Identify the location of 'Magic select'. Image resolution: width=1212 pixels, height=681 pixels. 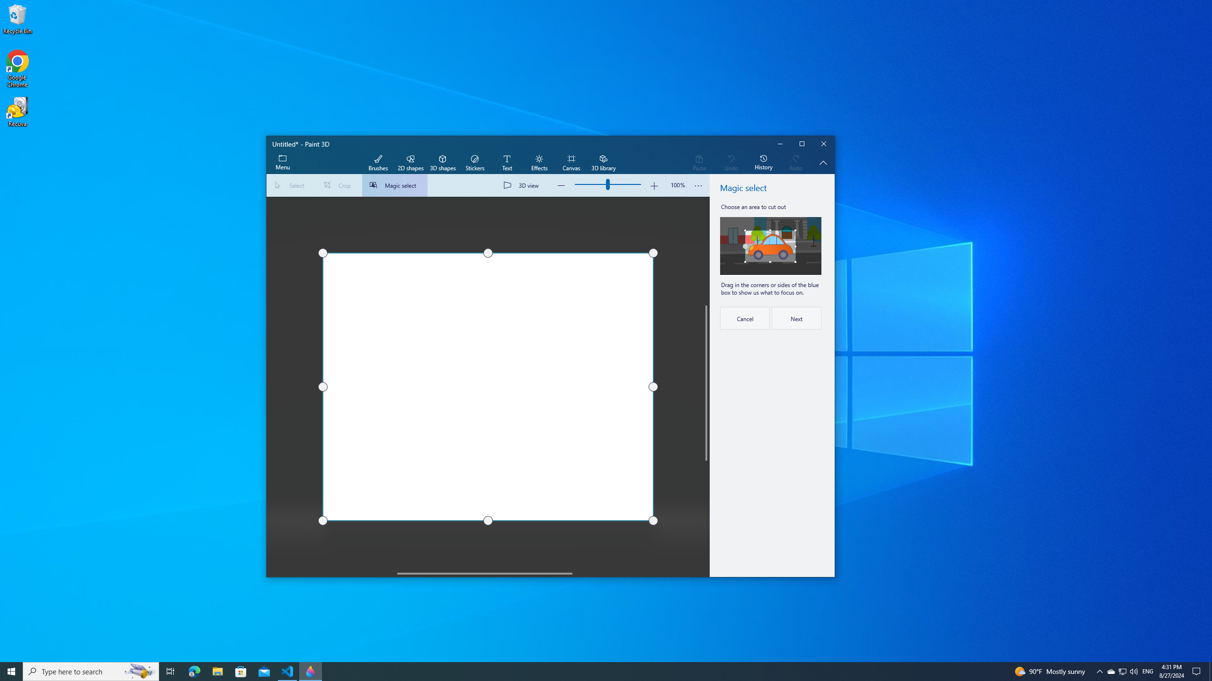
(394, 185).